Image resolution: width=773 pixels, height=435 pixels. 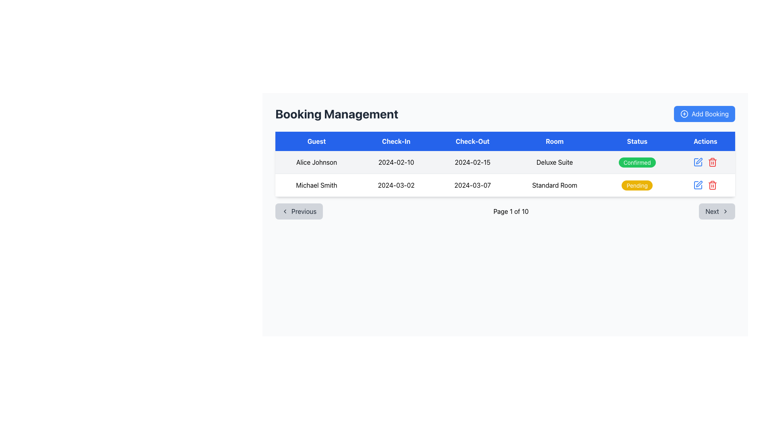 What do you see at coordinates (554, 141) in the screenshot?
I see `the blue rectangular tab labeled 'Room', which is the fourth column header in the table, located between 'Check-Out' and 'Status'` at bounding box center [554, 141].